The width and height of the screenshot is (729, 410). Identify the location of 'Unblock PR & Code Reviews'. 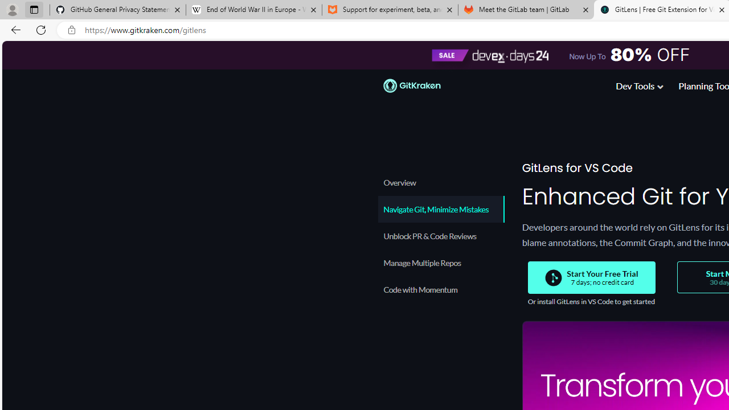
(440, 235).